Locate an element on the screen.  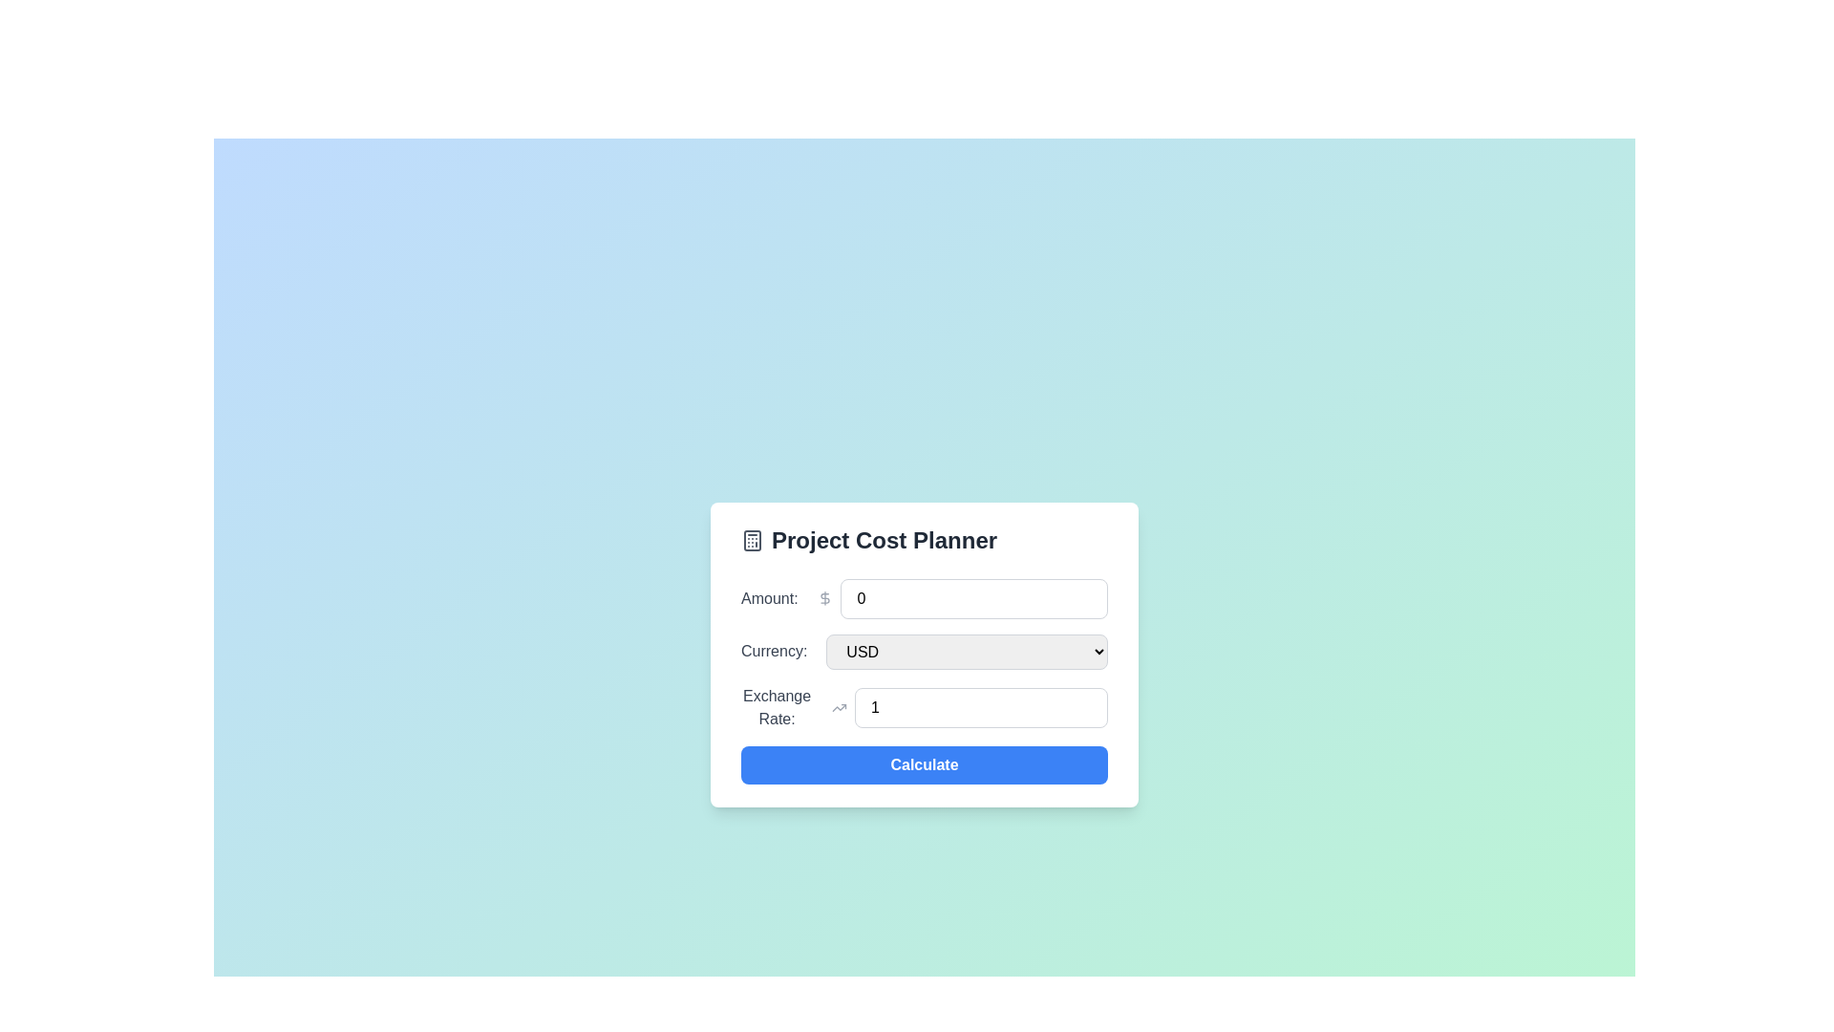
the submission button at the bottom of the 'Project Cost Planner' panel to initiate the calculation process is located at coordinates (925, 763).